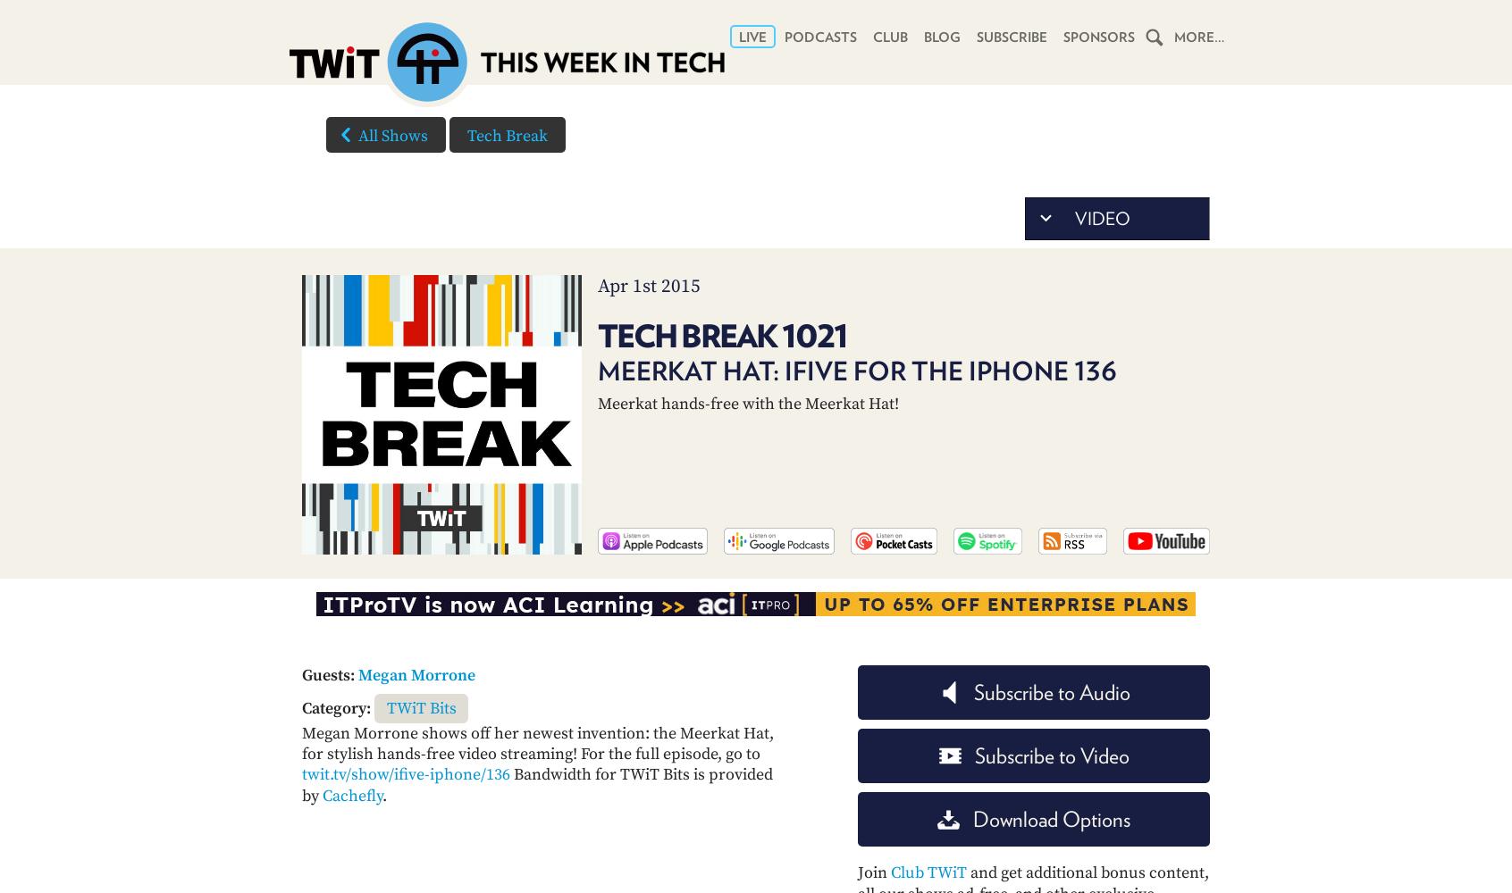  Describe the element at coordinates (820, 38) in the screenshot. I see `'Podcasts'` at that location.